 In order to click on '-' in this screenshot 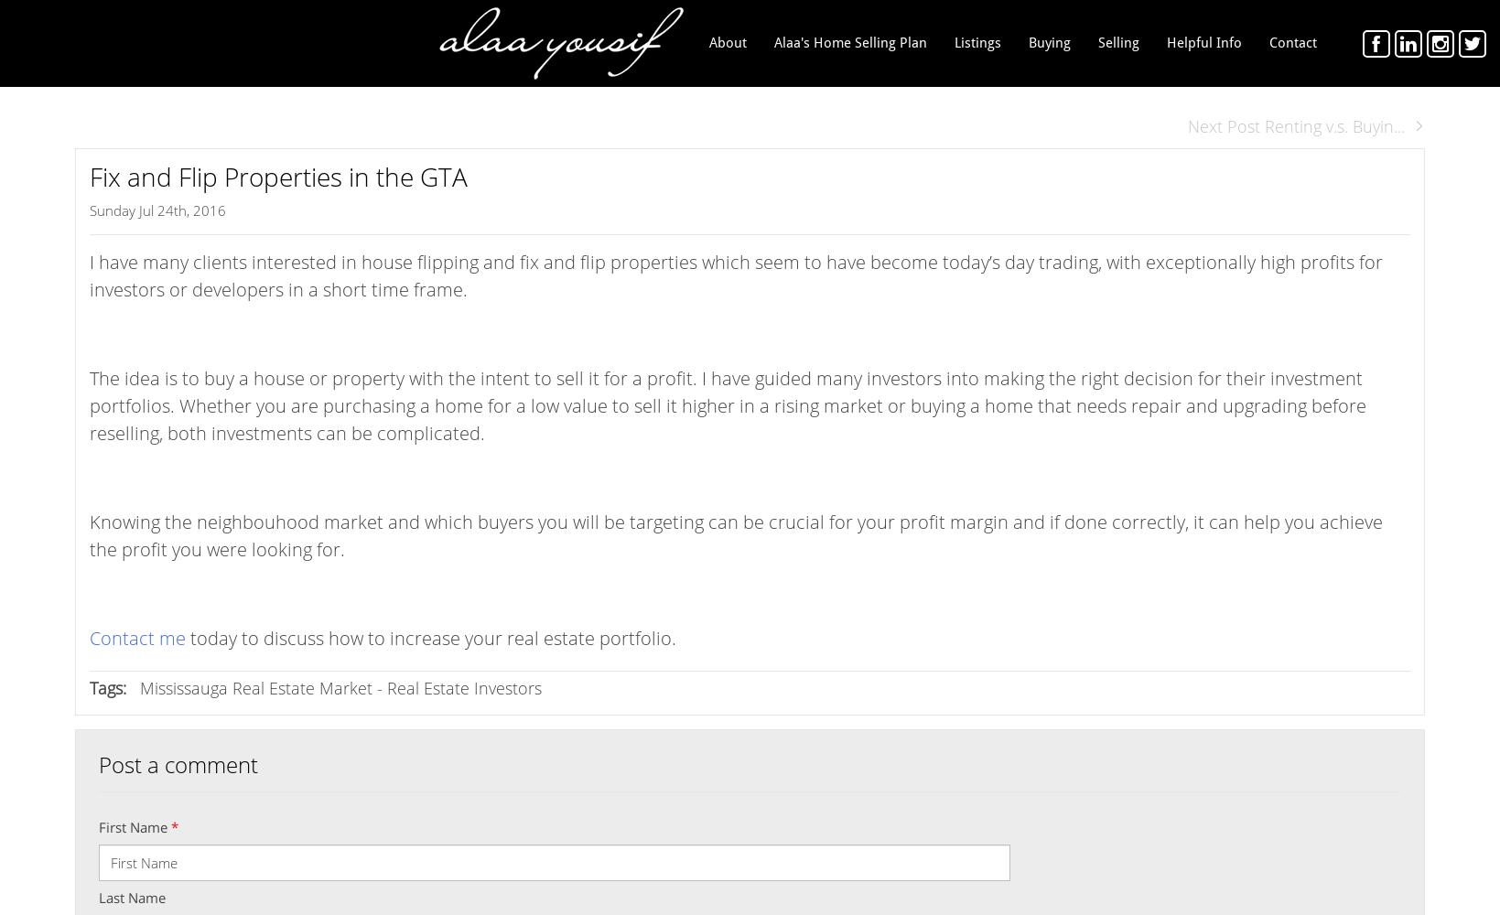, I will do `click(379, 688)`.